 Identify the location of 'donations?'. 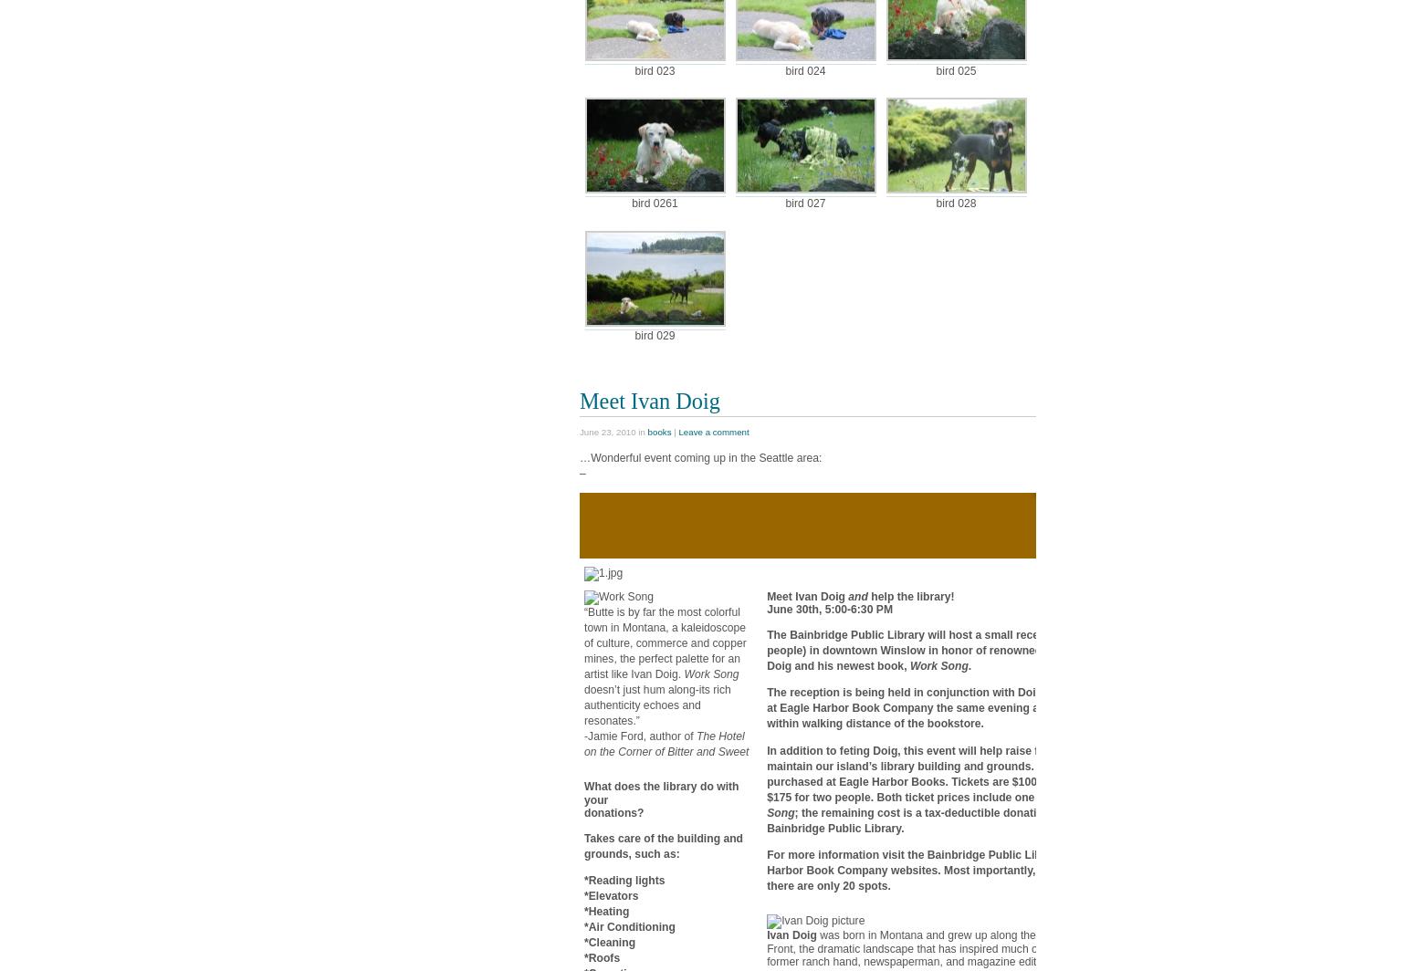
(613, 812).